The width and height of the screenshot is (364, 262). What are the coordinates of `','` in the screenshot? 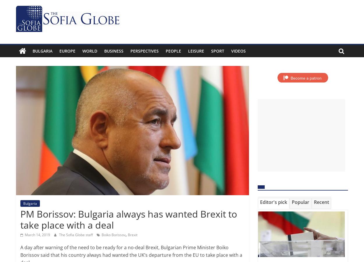 It's located at (126, 234).